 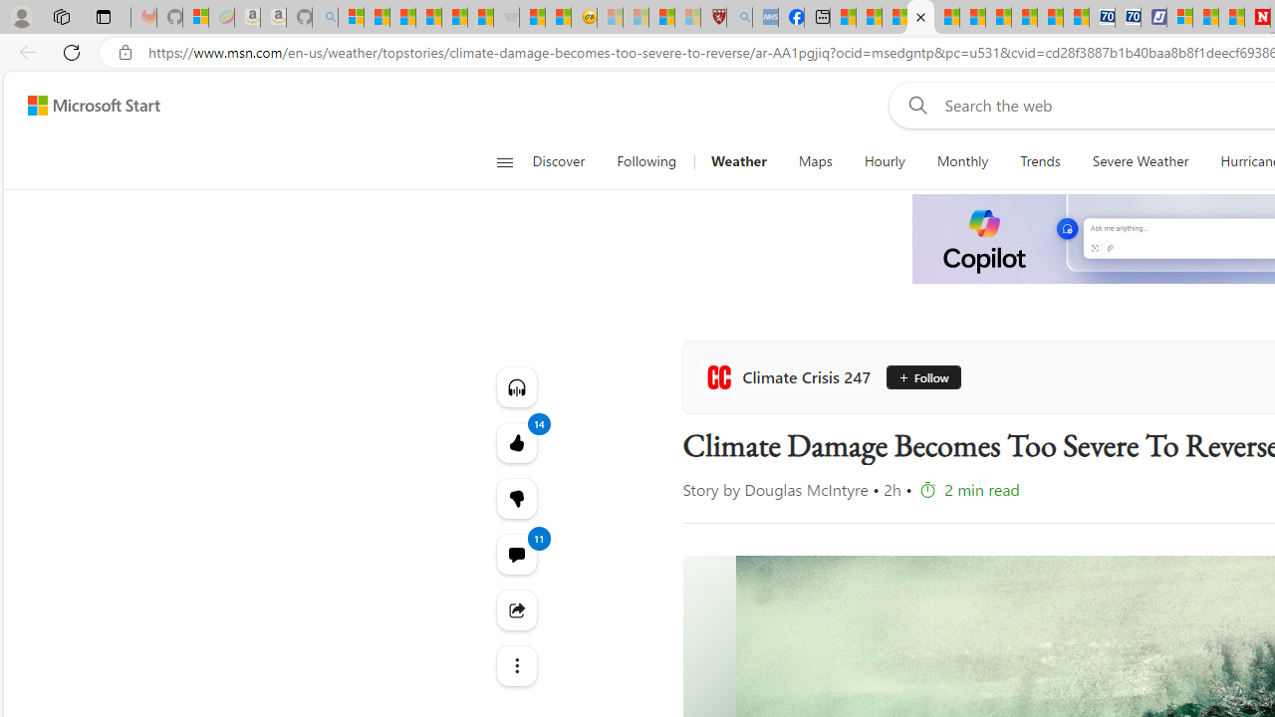 I want to click on 'Combat Siege - Sleeping', so click(x=506, y=17).